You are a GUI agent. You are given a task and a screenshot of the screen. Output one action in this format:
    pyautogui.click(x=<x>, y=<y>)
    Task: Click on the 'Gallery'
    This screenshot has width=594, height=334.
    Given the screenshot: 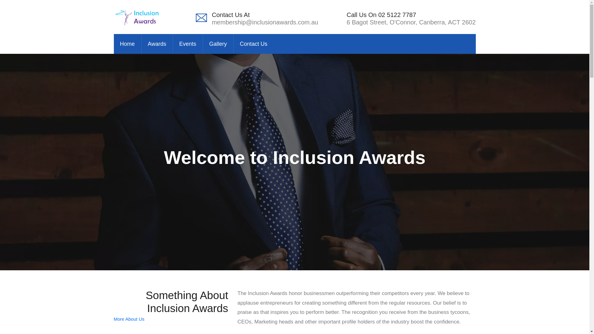 What is the action you would take?
    pyautogui.click(x=218, y=44)
    